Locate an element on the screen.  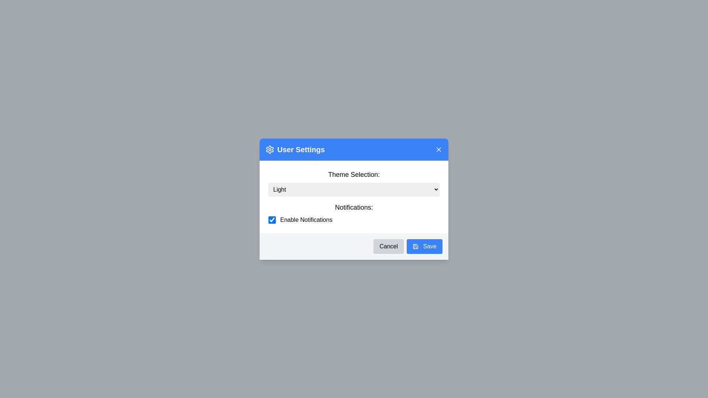
the checkbox with a blue background and a white checkmark, located in the 'Enable Notifications' group below the 'Theme Selection' dropdown is located at coordinates (272, 219).